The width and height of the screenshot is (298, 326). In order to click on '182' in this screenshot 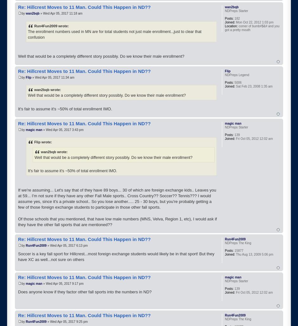, I will do `click(236, 18)`.